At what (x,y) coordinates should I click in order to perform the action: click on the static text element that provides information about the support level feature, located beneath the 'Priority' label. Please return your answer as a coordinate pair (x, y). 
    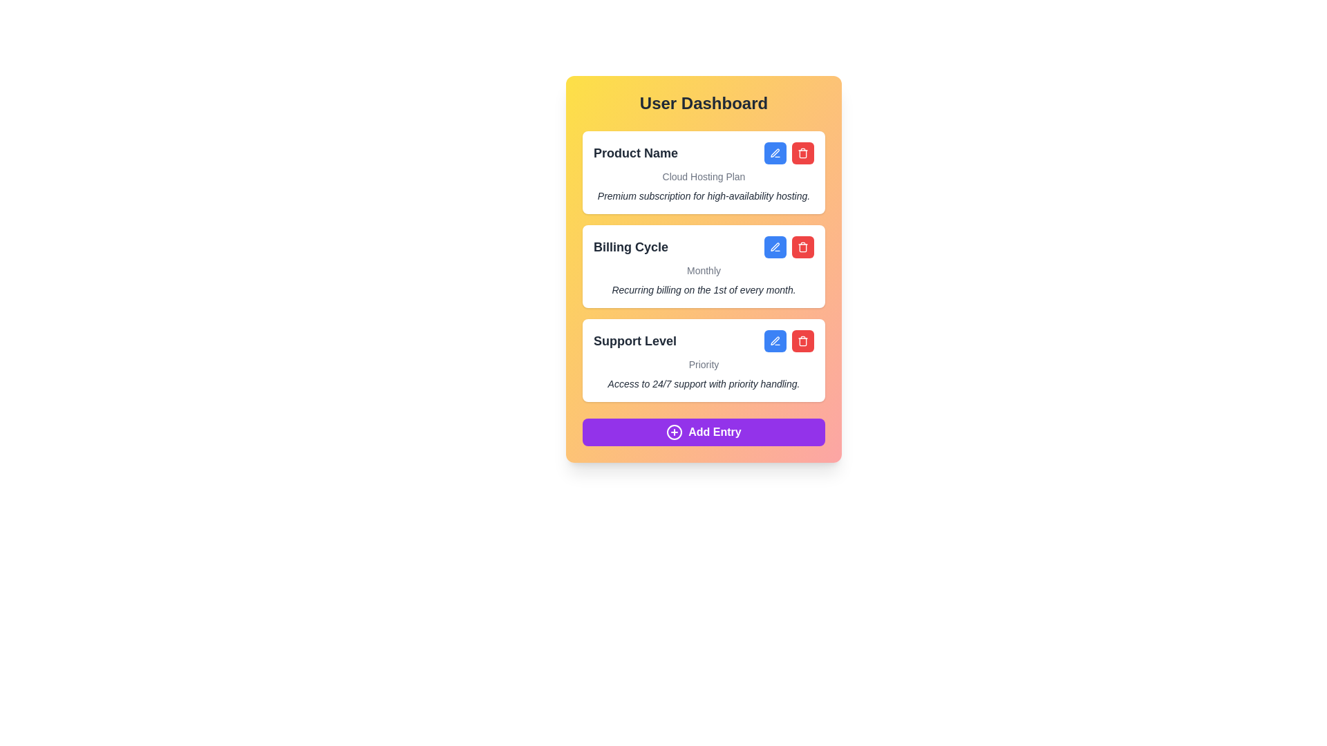
    Looking at the image, I should click on (704, 383).